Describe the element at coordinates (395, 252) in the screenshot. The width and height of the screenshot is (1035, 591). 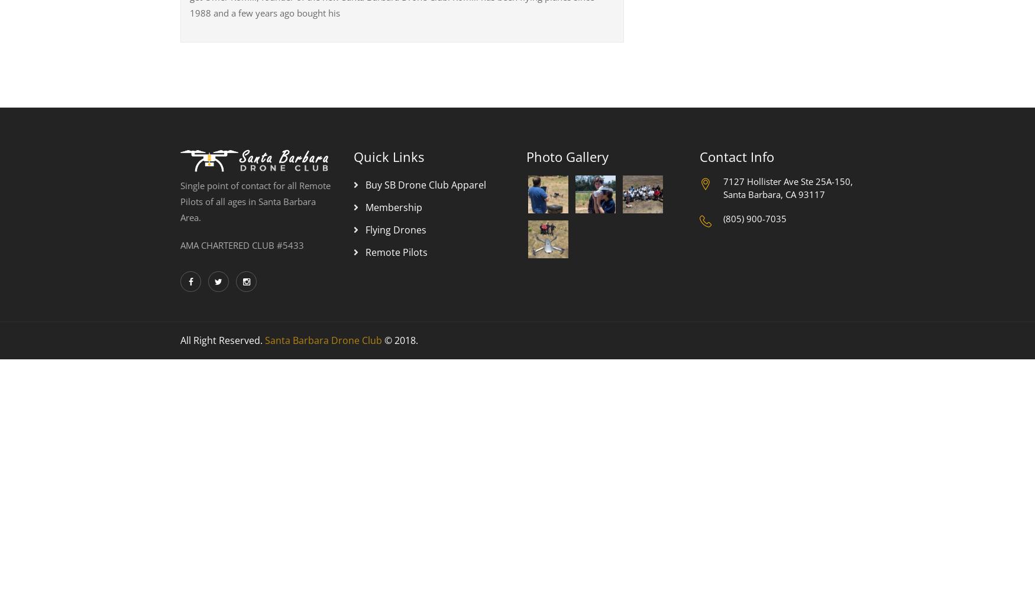
I see `'Remote Pilots'` at that location.